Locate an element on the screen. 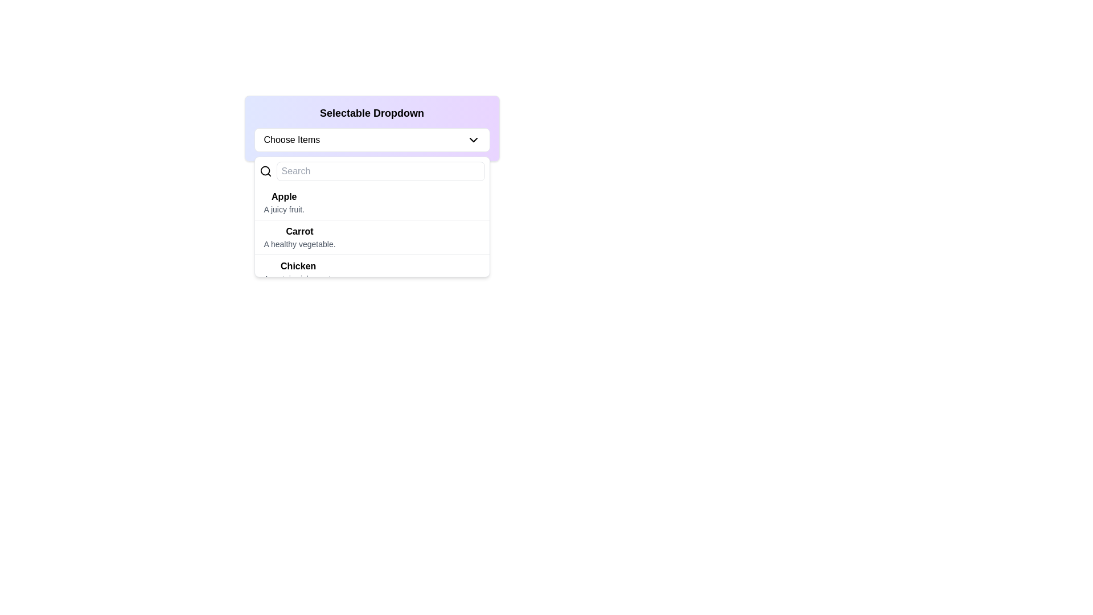 The height and width of the screenshot is (615, 1093). the 'Apple' text label in the dropdown menu is located at coordinates (284, 196).